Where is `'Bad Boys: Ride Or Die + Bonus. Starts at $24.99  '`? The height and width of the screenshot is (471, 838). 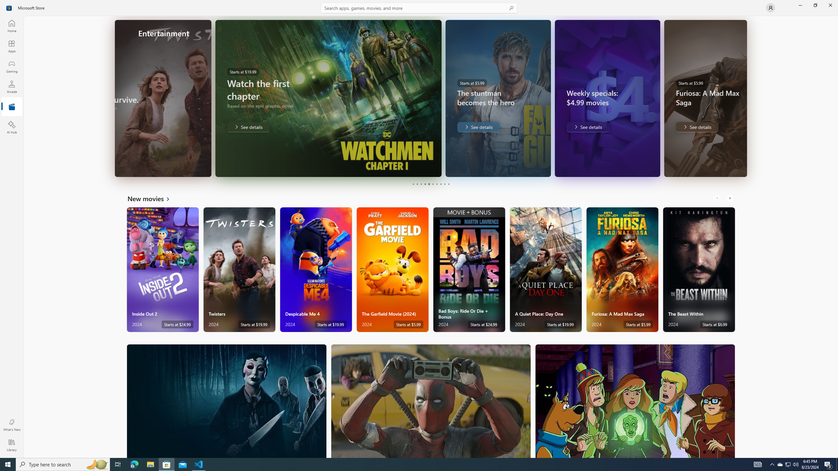 'Bad Boys: Ride Or Die + Bonus. Starts at $24.99  ' is located at coordinates (468, 270).